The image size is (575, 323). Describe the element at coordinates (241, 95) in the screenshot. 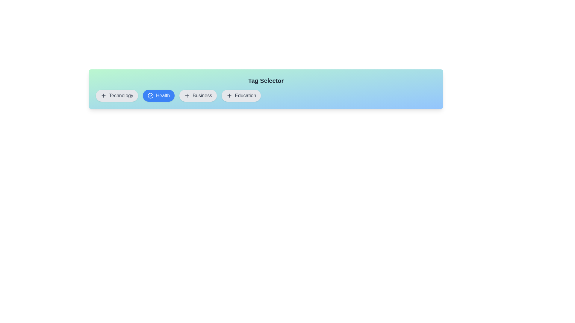

I see `the tag Education by clicking on it` at that location.